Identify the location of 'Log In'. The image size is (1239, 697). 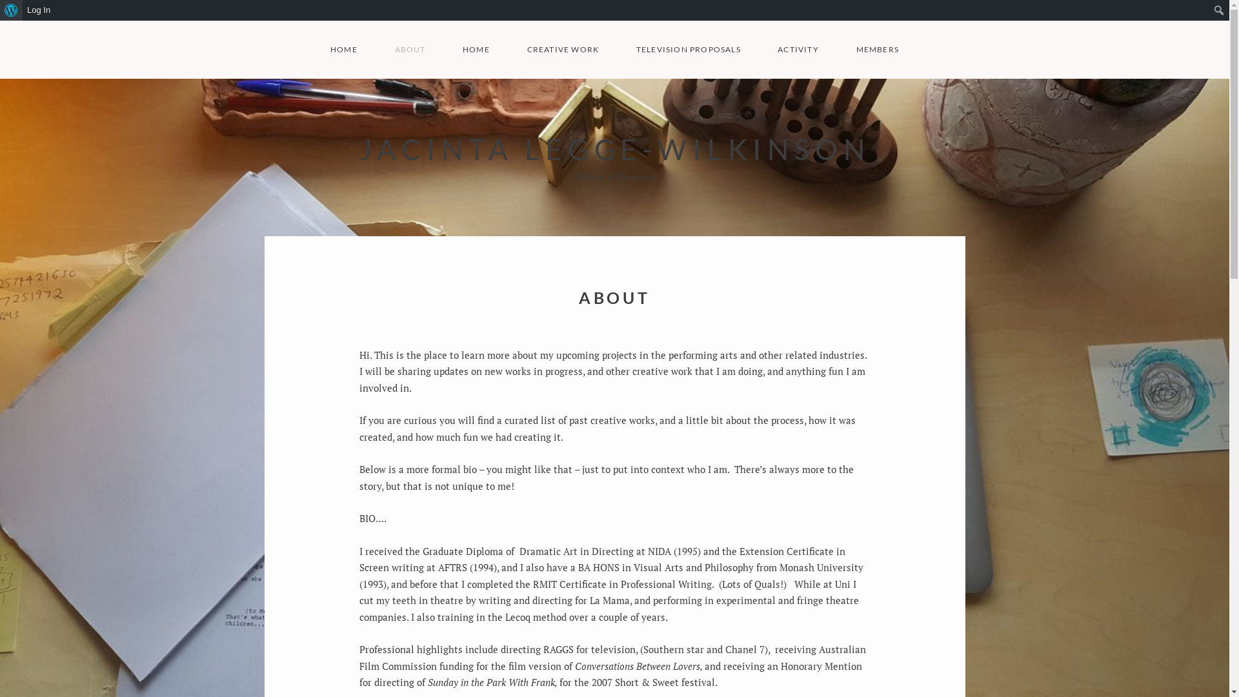
(39, 10).